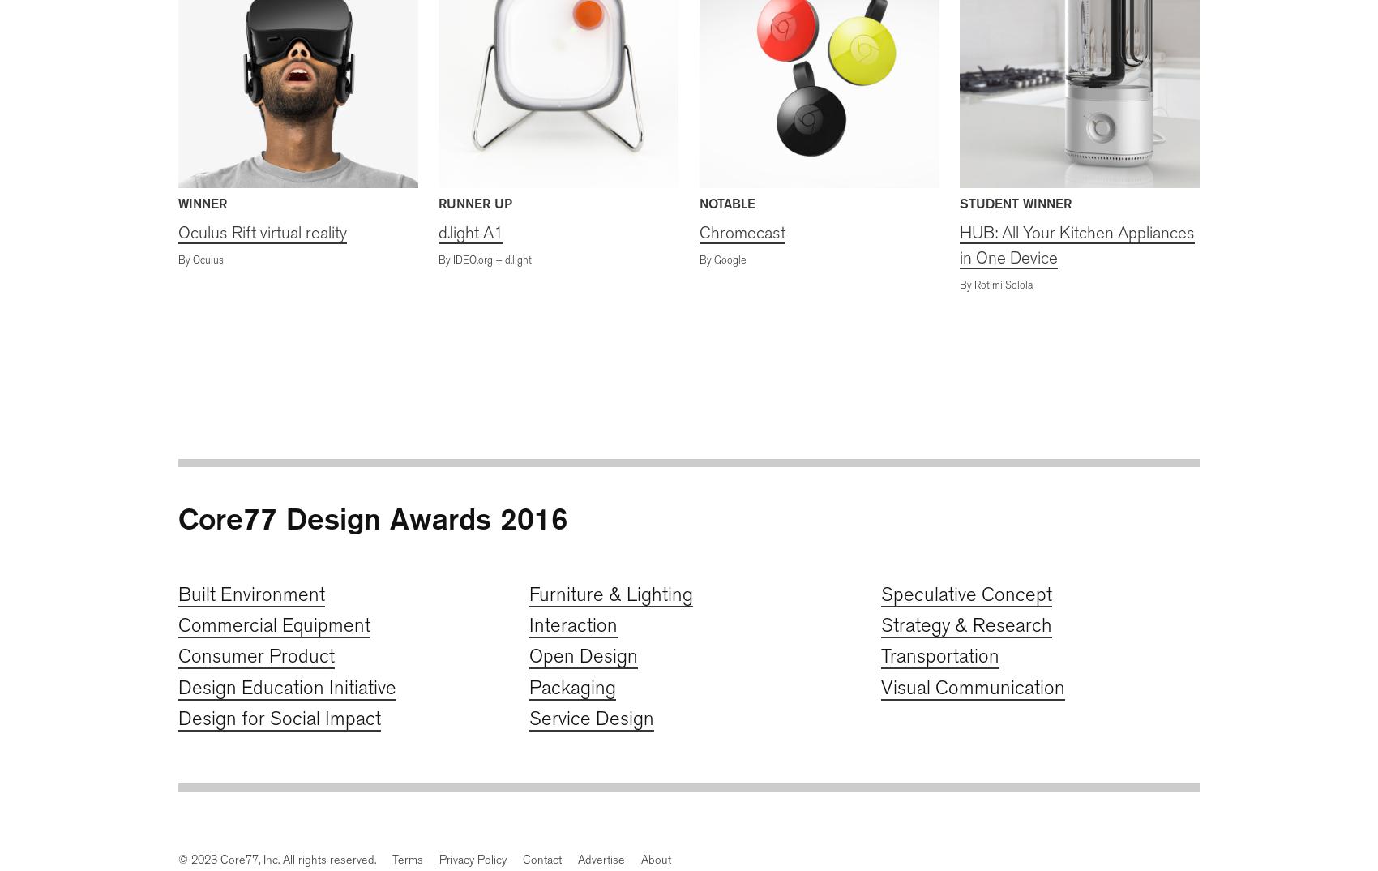  Describe the element at coordinates (251, 594) in the screenshot. I see `'Built Environment'` at that location.